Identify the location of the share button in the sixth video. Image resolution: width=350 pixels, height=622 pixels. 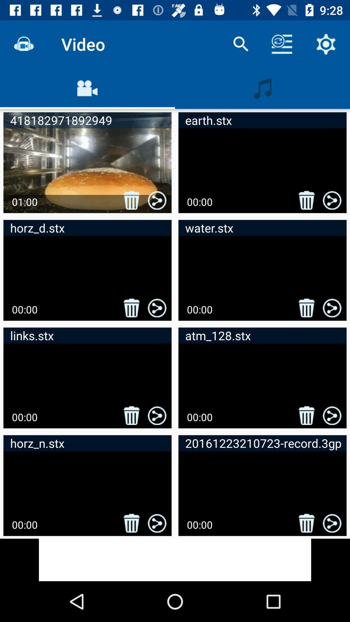
(332, 415).